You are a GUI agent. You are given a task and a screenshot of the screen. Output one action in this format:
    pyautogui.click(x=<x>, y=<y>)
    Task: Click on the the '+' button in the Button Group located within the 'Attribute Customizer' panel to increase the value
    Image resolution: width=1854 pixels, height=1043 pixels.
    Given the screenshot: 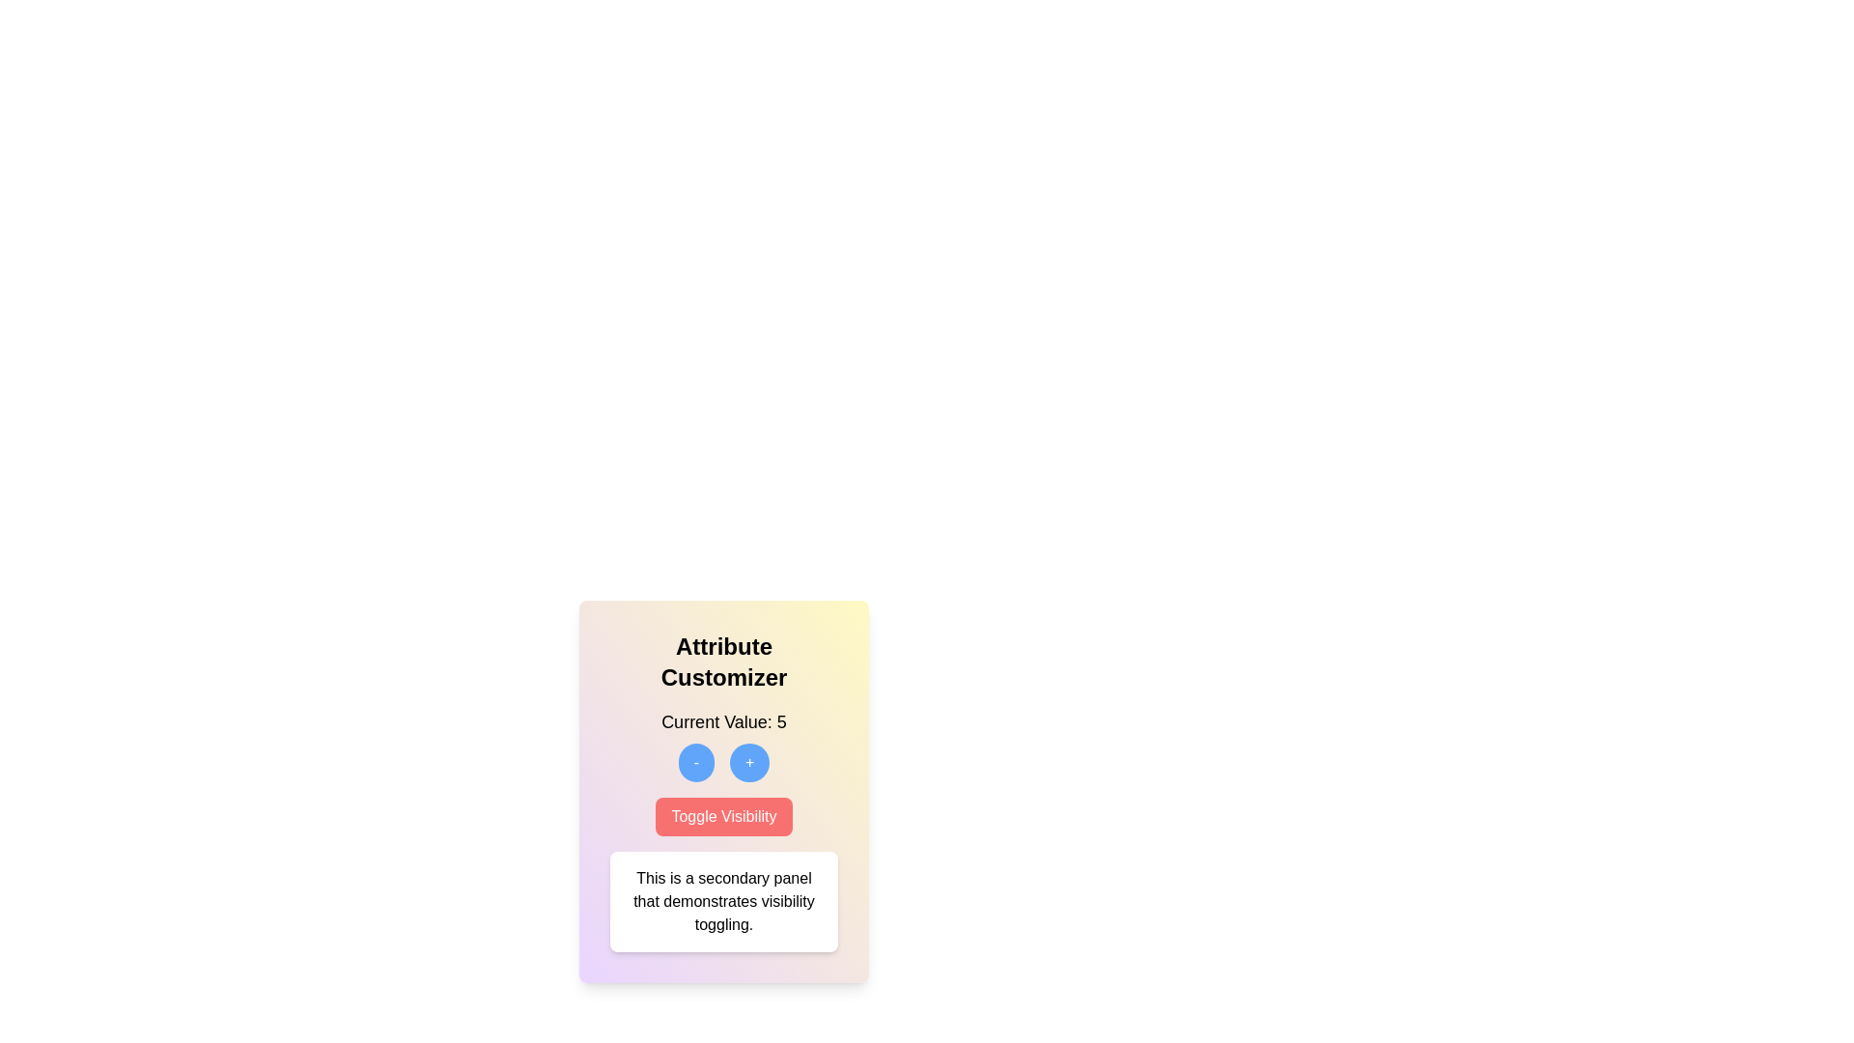 What is the action you would take?
    pyautogui.click(x=722, y=762)
    